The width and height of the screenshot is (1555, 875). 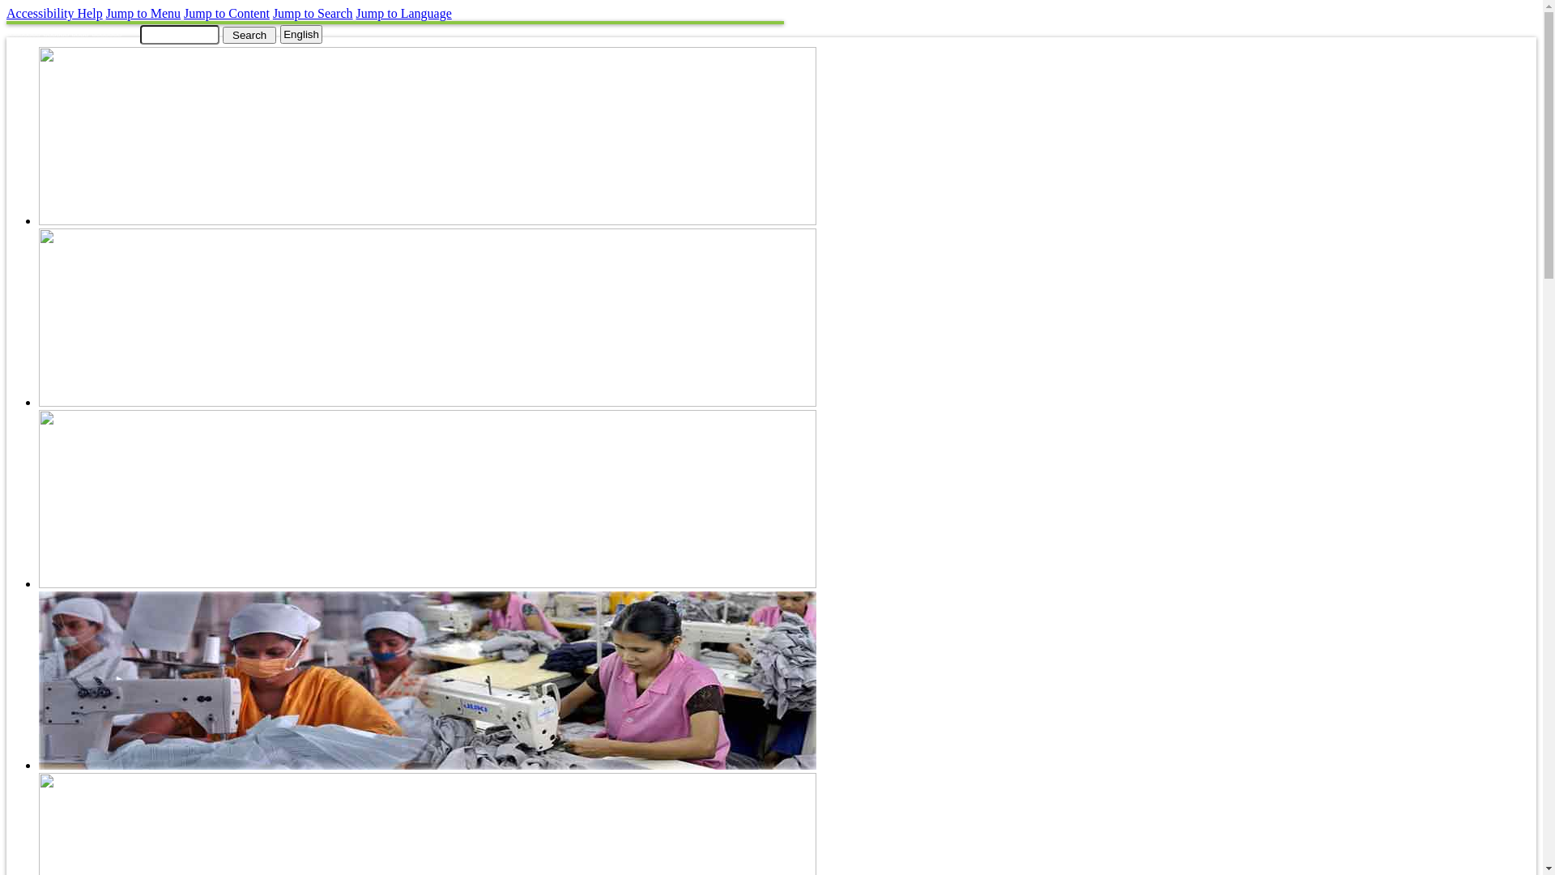 I want to click on 'Accessibility Help', so click(x=6, y=13).